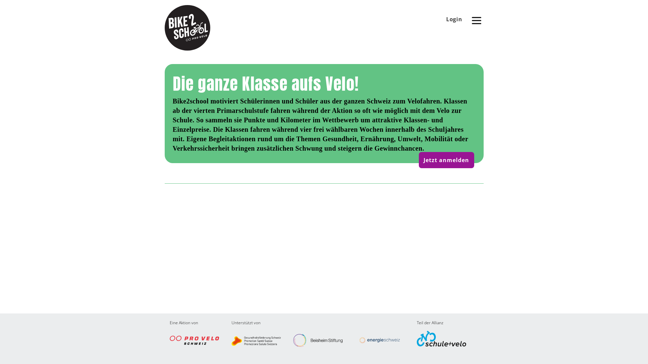 This screenshot has width=648, height=364. What do you see at coordinates (454, 19) in the screenshot?
I see `'Login'` at bounding box center [454, 19].